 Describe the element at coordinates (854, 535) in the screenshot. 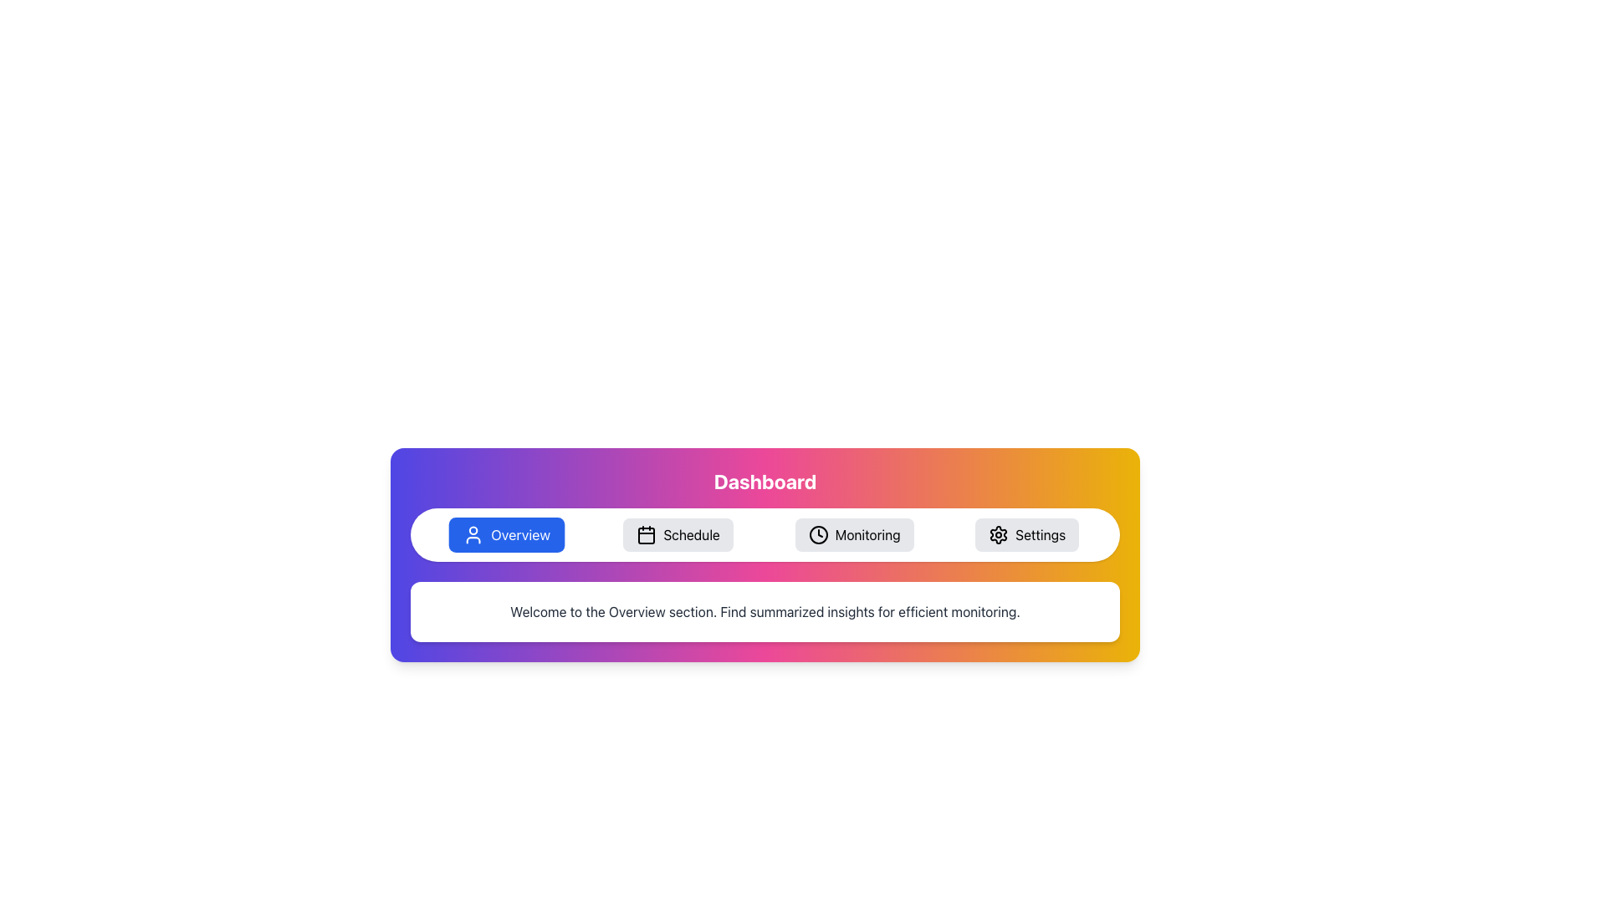

I see `the 'Monitoring' button, which is a rectangular button with rounded edges, light gray background, a clock icon on the left, and the label 'Monitoring' in black, located centrally at the bottom half of the interface` at that location.